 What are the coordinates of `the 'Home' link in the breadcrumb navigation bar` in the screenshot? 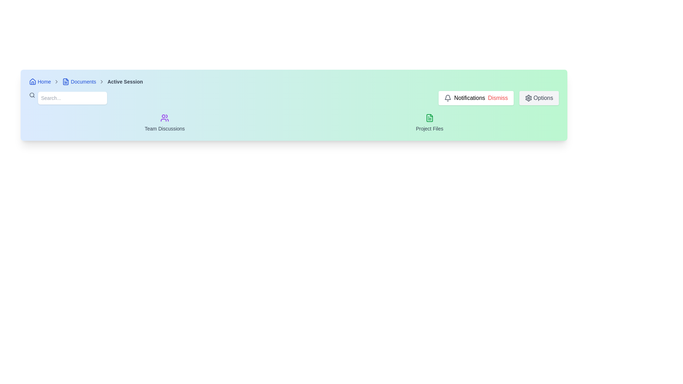 It's located at (39, 81).